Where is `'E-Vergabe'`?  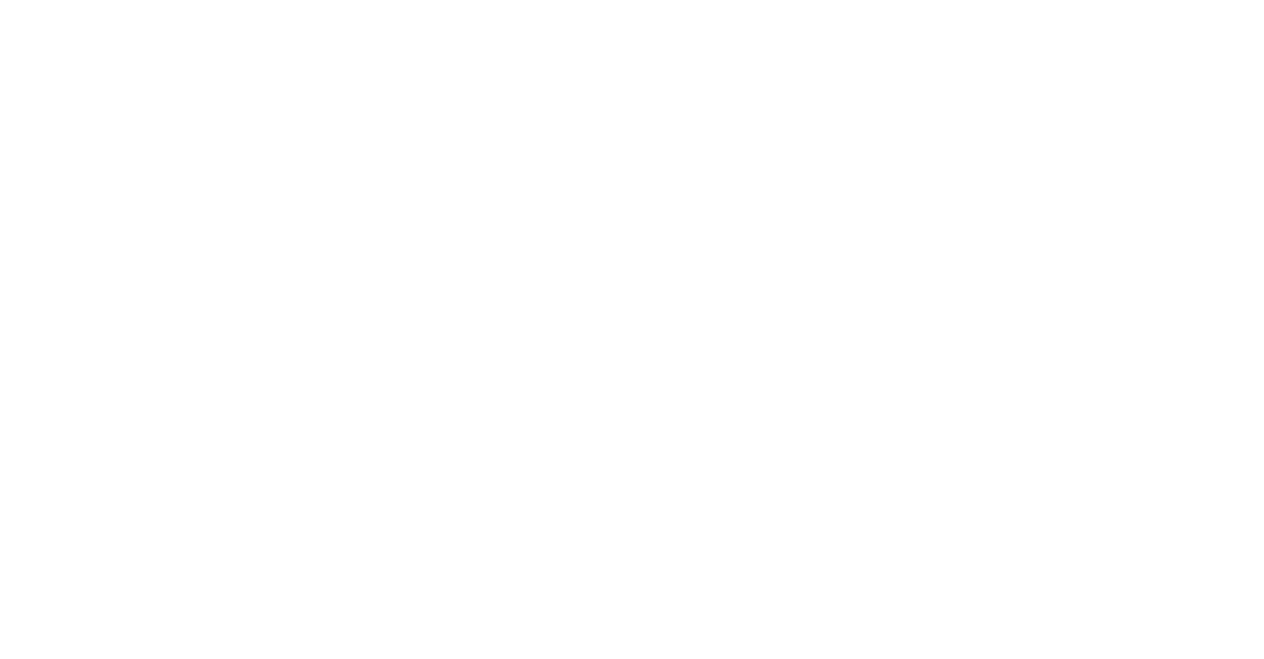 'E-Vergabe' is located at coordinates (1233, 408).